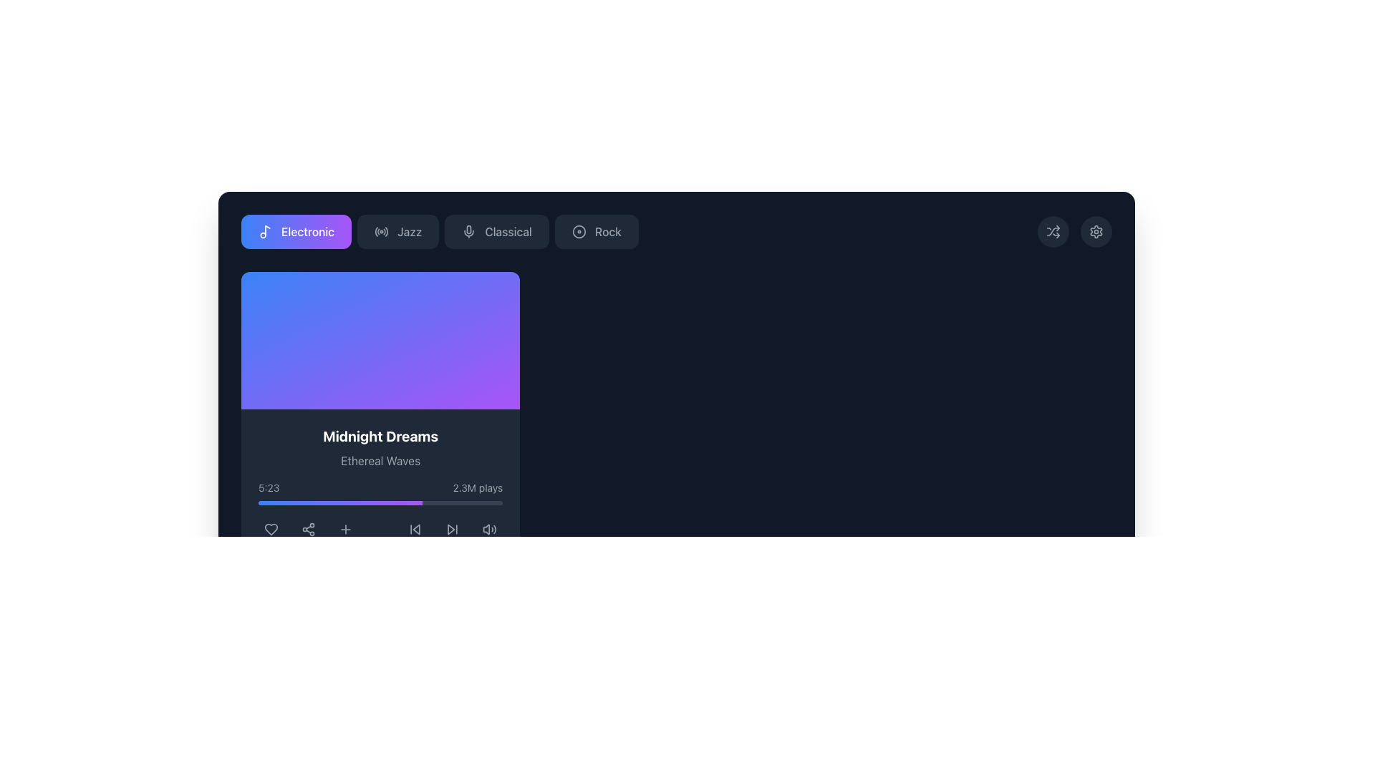  Describe the element at coordinates (265, 231) in the screenshot. I see `the icon representing the 'Electronic' category located inside the button labeled 'Electronic'` at that location.